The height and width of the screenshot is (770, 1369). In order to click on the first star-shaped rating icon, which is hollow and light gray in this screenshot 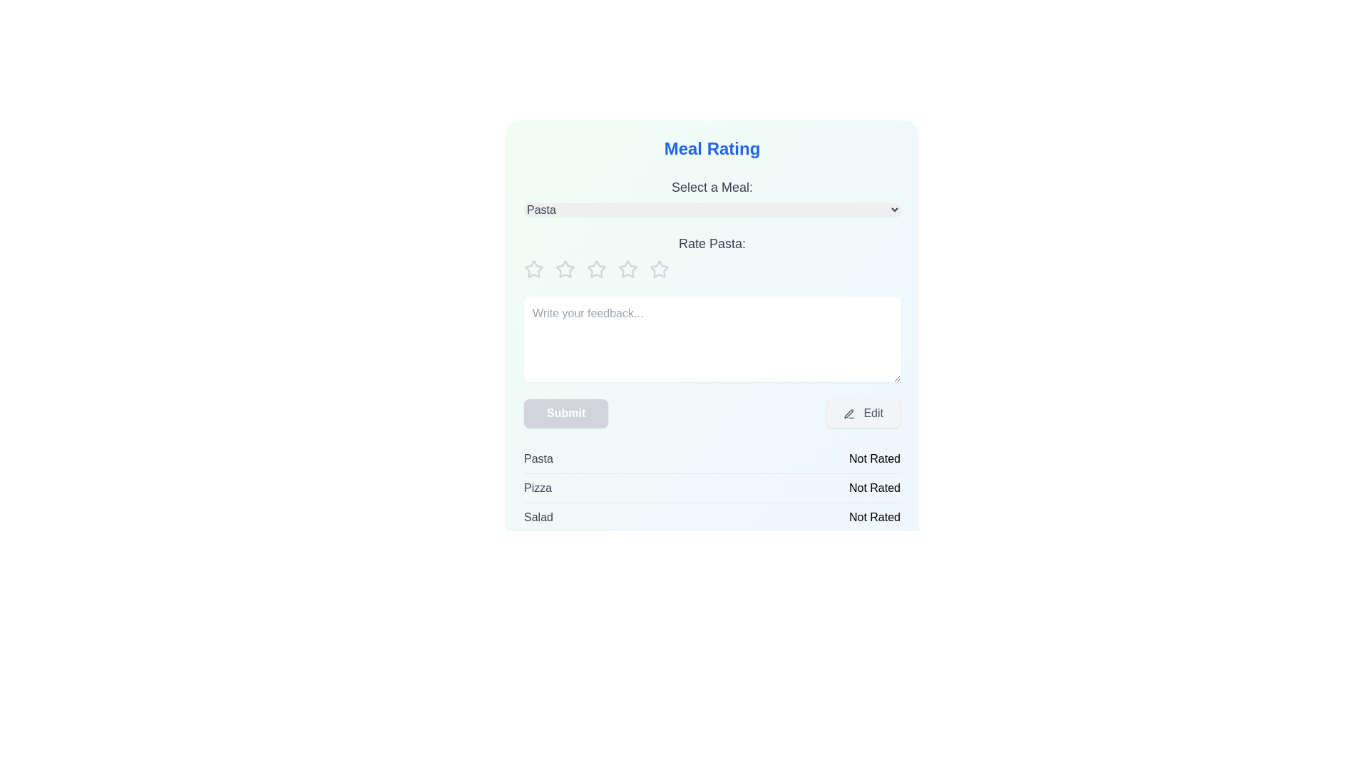, I will do `click(533, 269)`.